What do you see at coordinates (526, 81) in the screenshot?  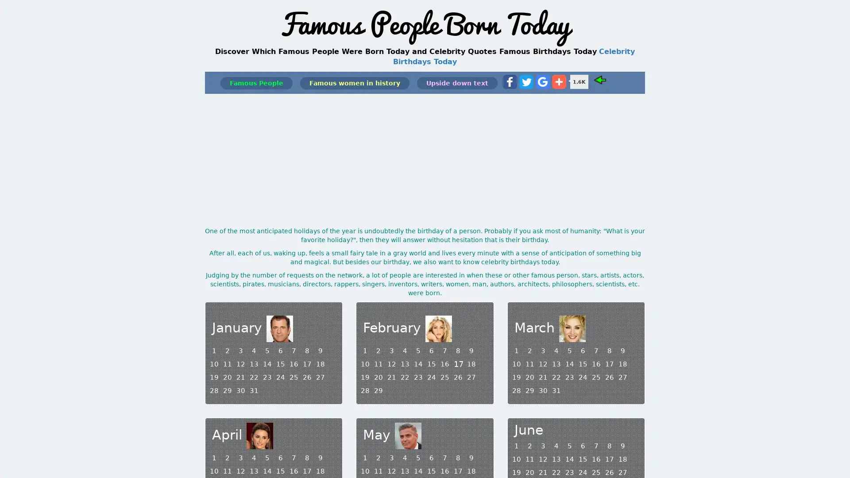 I see `Share to Twitter` at bounding box center [526, 81].